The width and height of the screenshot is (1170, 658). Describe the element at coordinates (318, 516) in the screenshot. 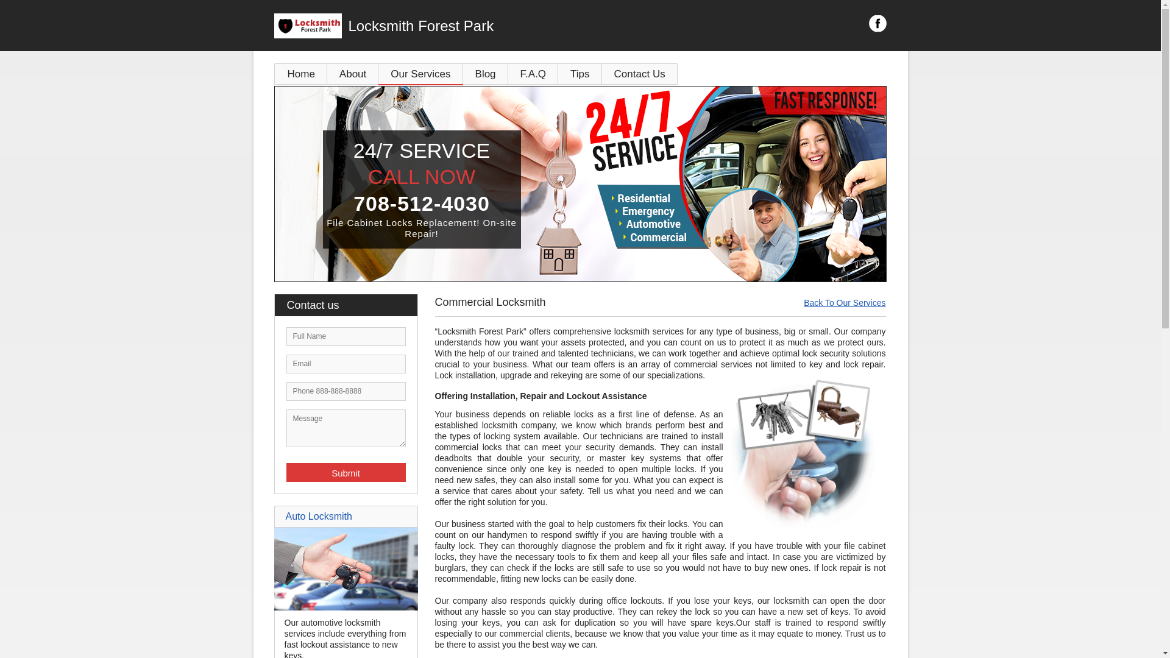

I see `'Auto Locksmith'` at that location.